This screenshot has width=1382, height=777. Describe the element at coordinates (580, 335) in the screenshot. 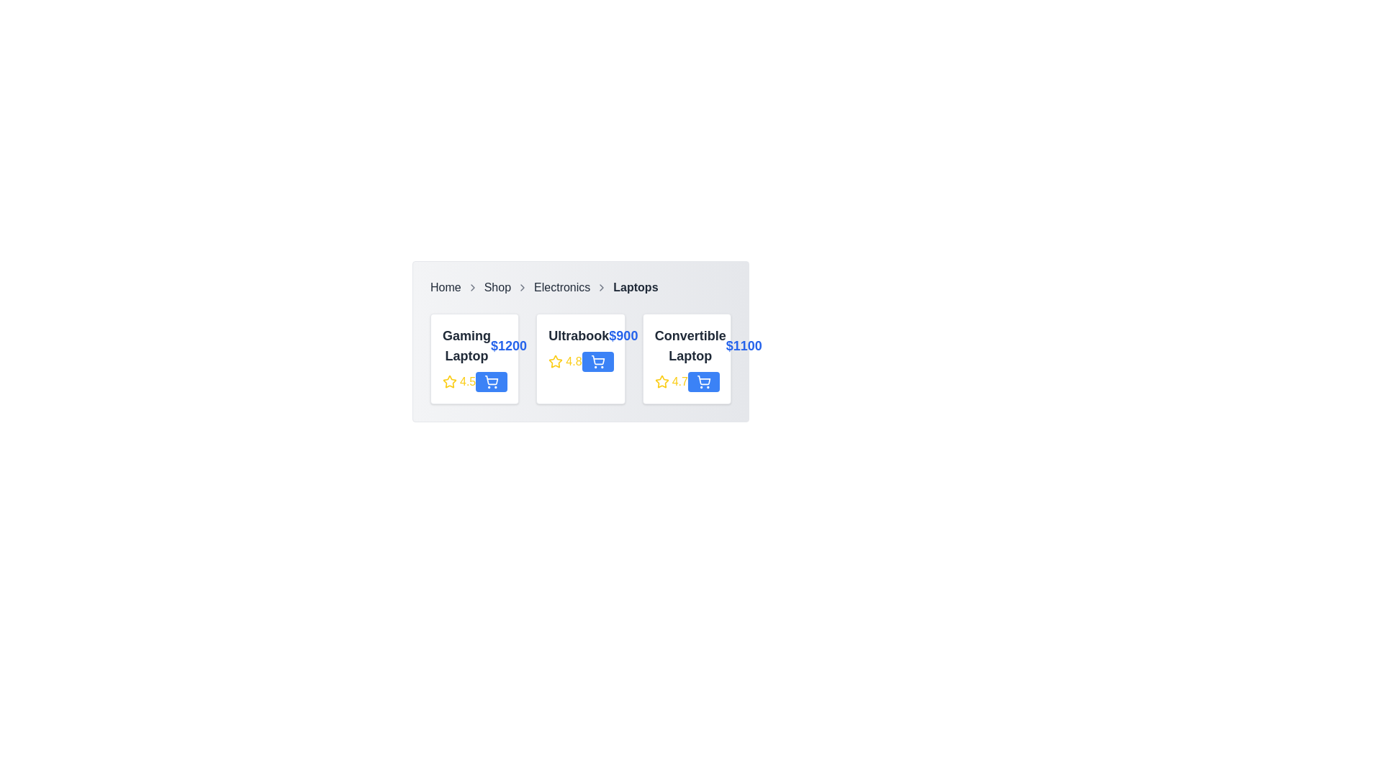

I see `text content of the label displaying 'Ultrabook' and its price '$900', located in the central card of a three-card row layout, specifically the second card from the left` at that location.